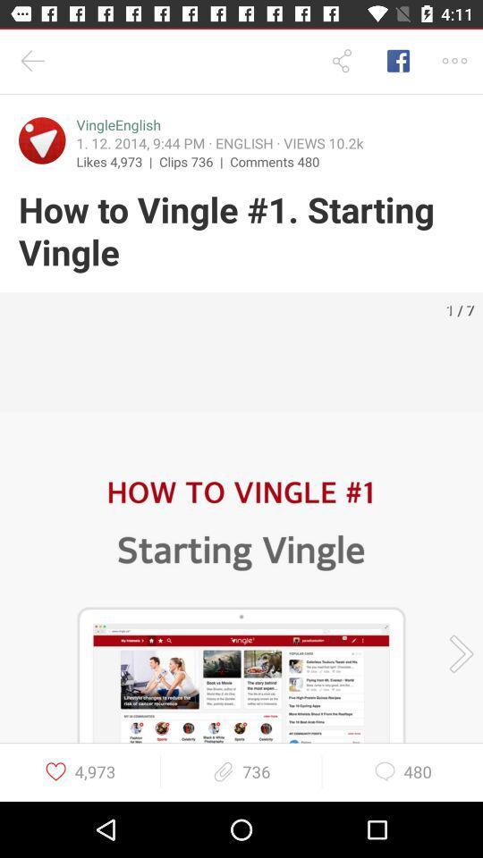  What do you see at coordinates (275, 160) in the screenshot?
I see `the icon below 1 12 2014` at bounding box center [275, 160].